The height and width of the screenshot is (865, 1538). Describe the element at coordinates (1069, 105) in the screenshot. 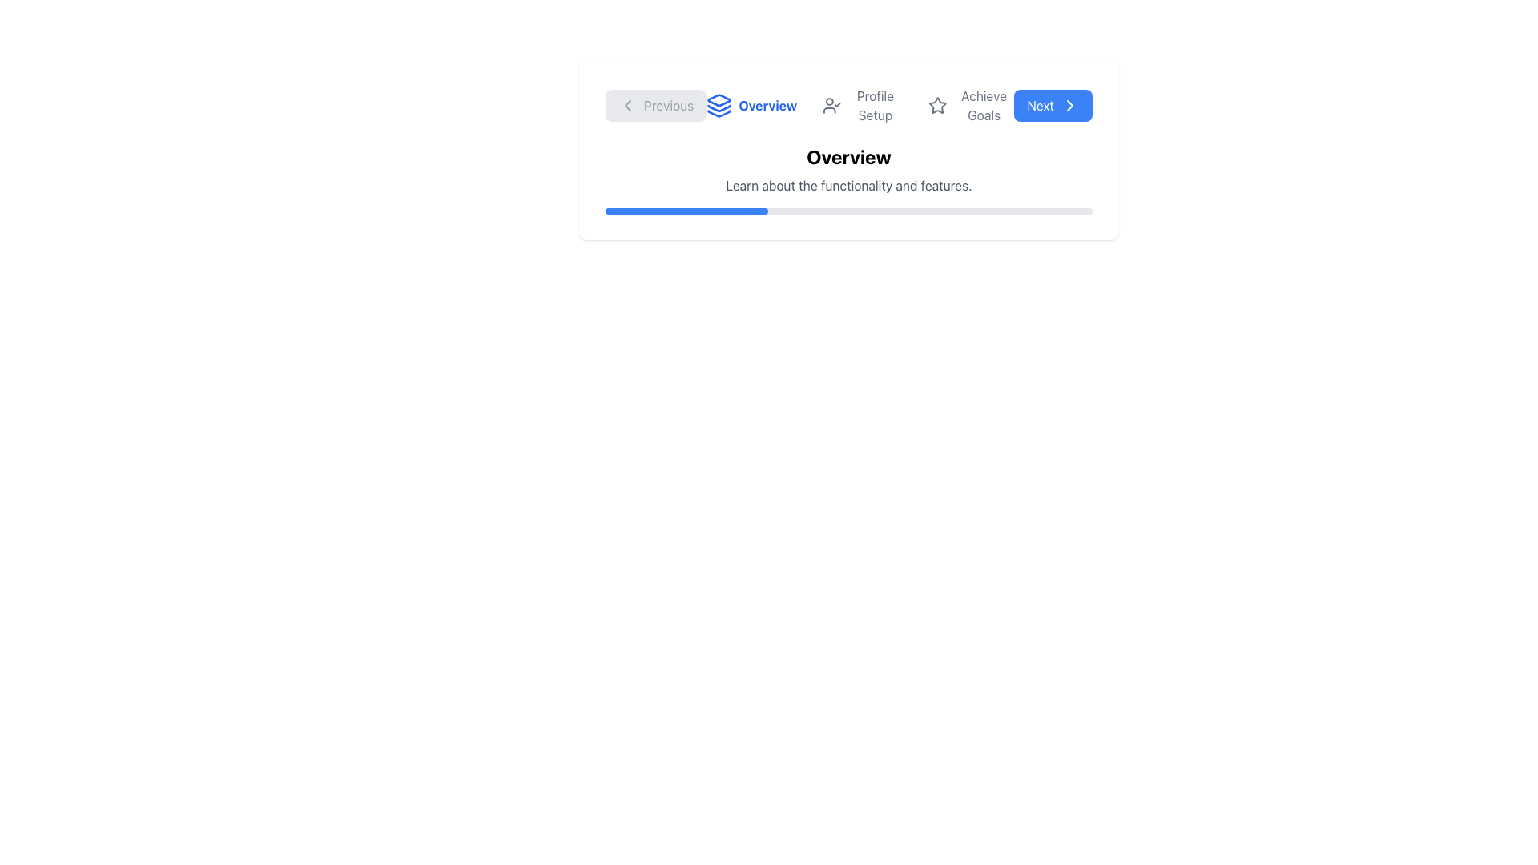

I see `the visual style of the triangular arrow-shaped icon located inside the 'Next' button in the navigation bar at the top-center of the interface` at that location.